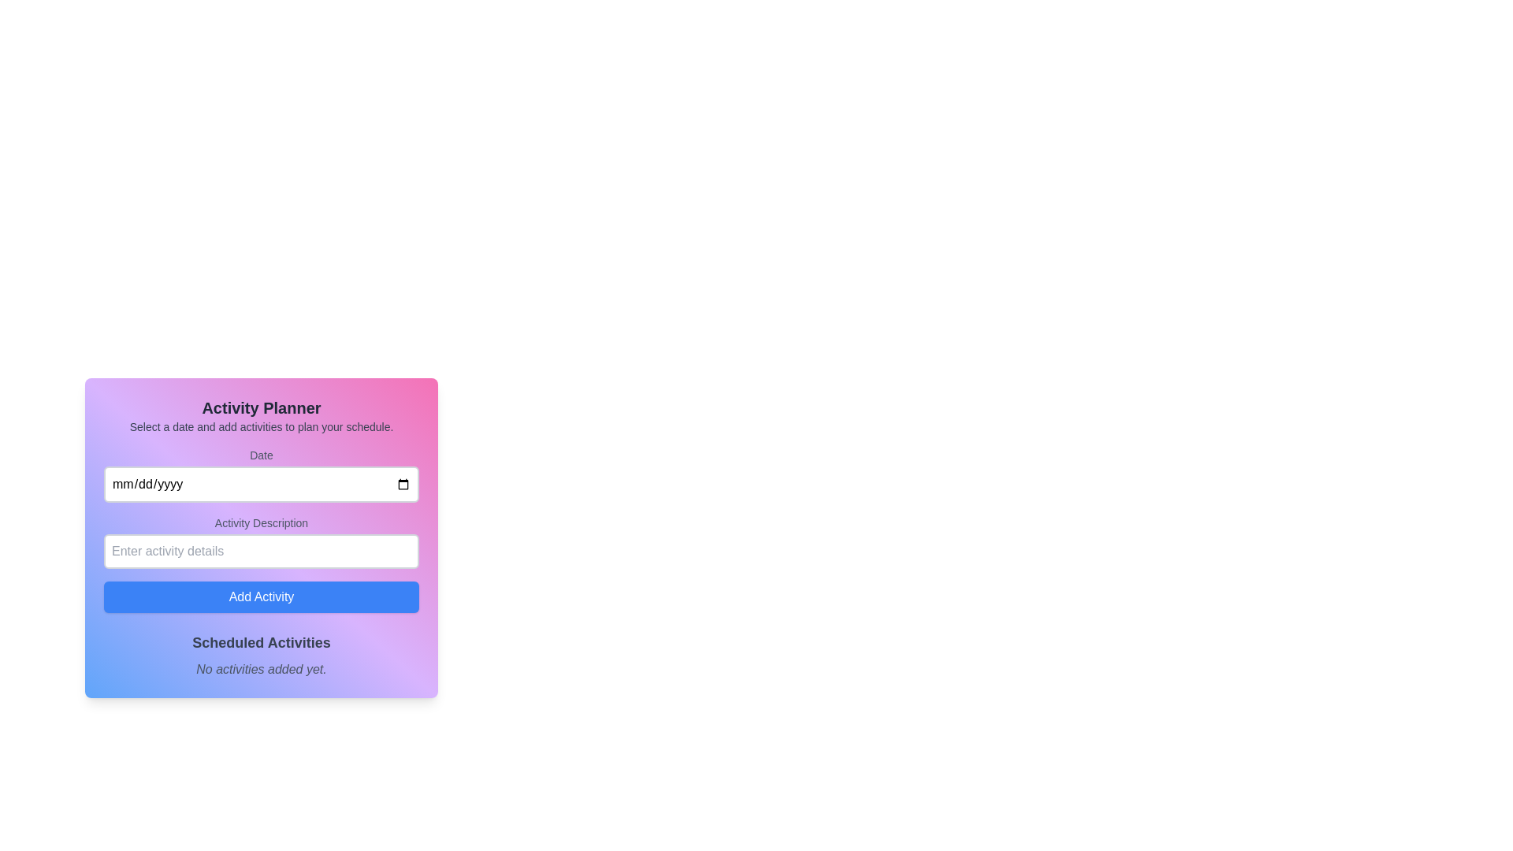 This screenshot has width=1513, height=851. What do you see at coordinates (261, 537) in the screenshot?
I see `the primary content block of the form-like structure containing input fields and a button, styled with a gradient background from blue to pink` at bounding box center [261, 537].